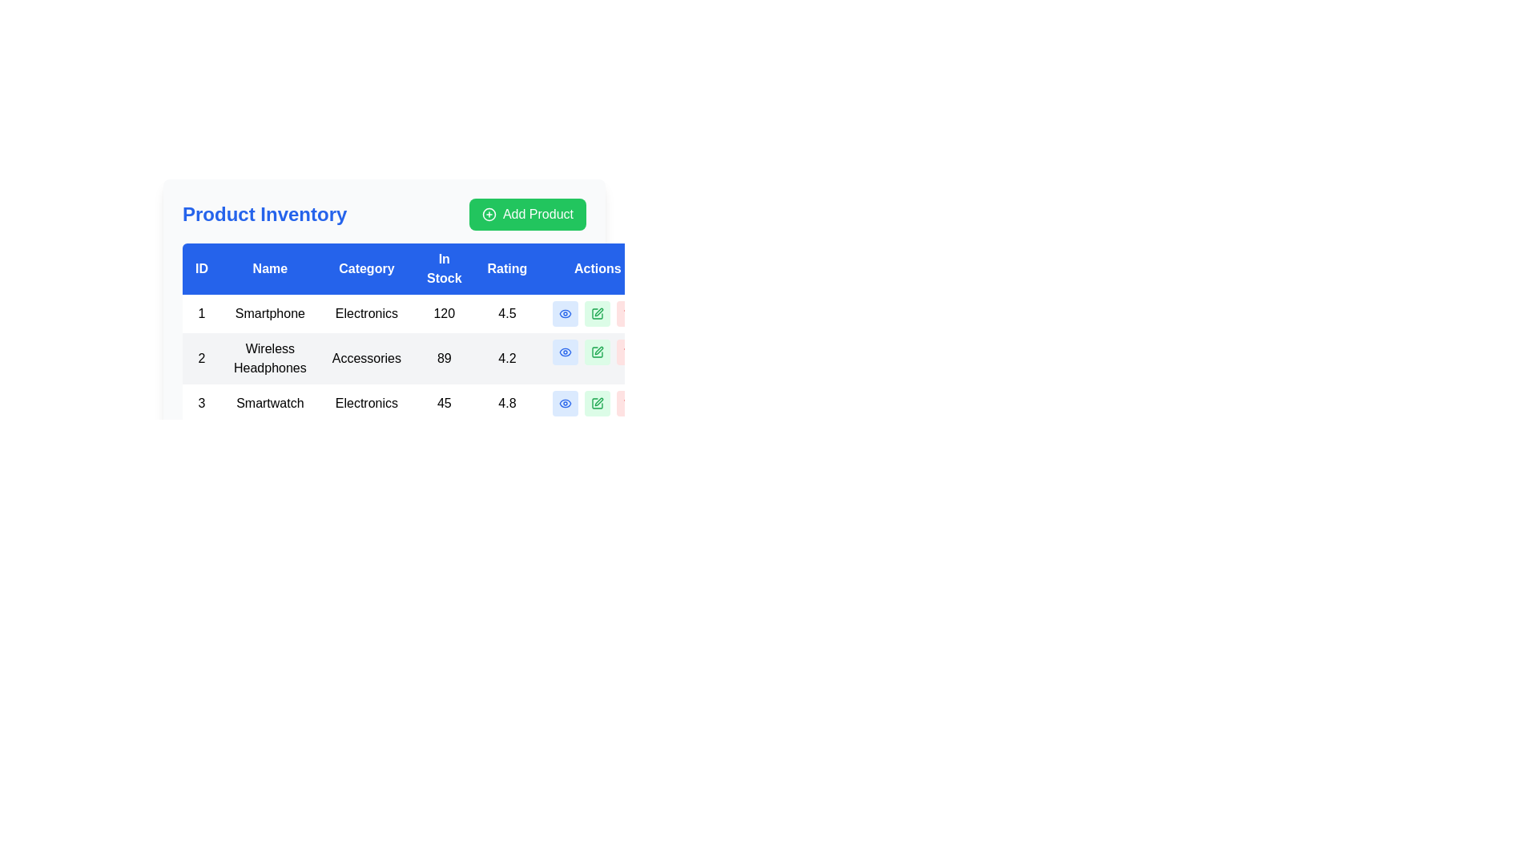 The height and width of the screenshot is (865, 1538). What do you see at coordinates (444, 314) in the screenshot?
I see `the table cell in the first row and fourth column labeled 'In Stock'` at bounding box center [444, 314].